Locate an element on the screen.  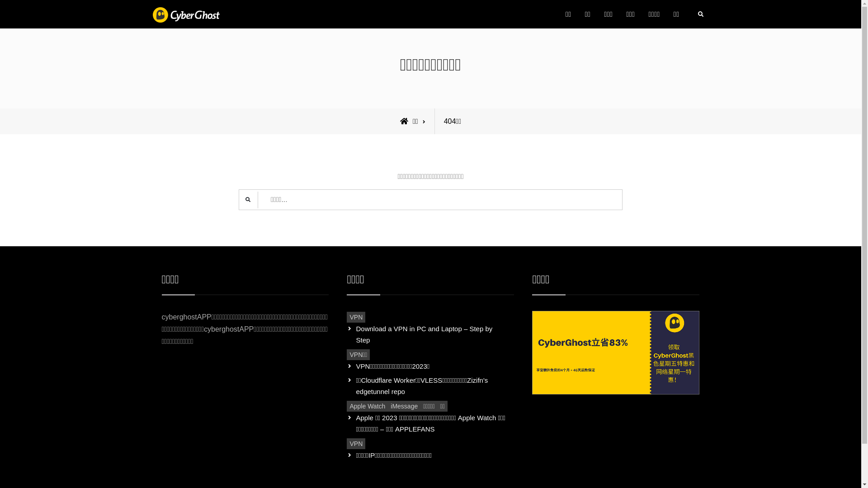
'VPN' is located at coordinates (355, 443).